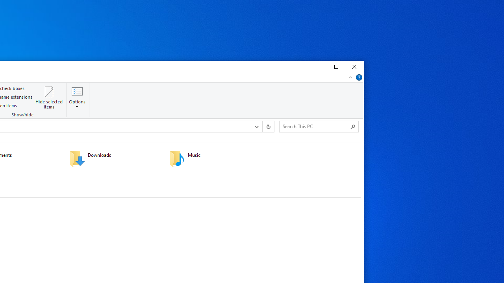 The image size is (504, 283). Describe the element at coordinates (354, 67) in the screenshot. I see `'Close'` at that location.